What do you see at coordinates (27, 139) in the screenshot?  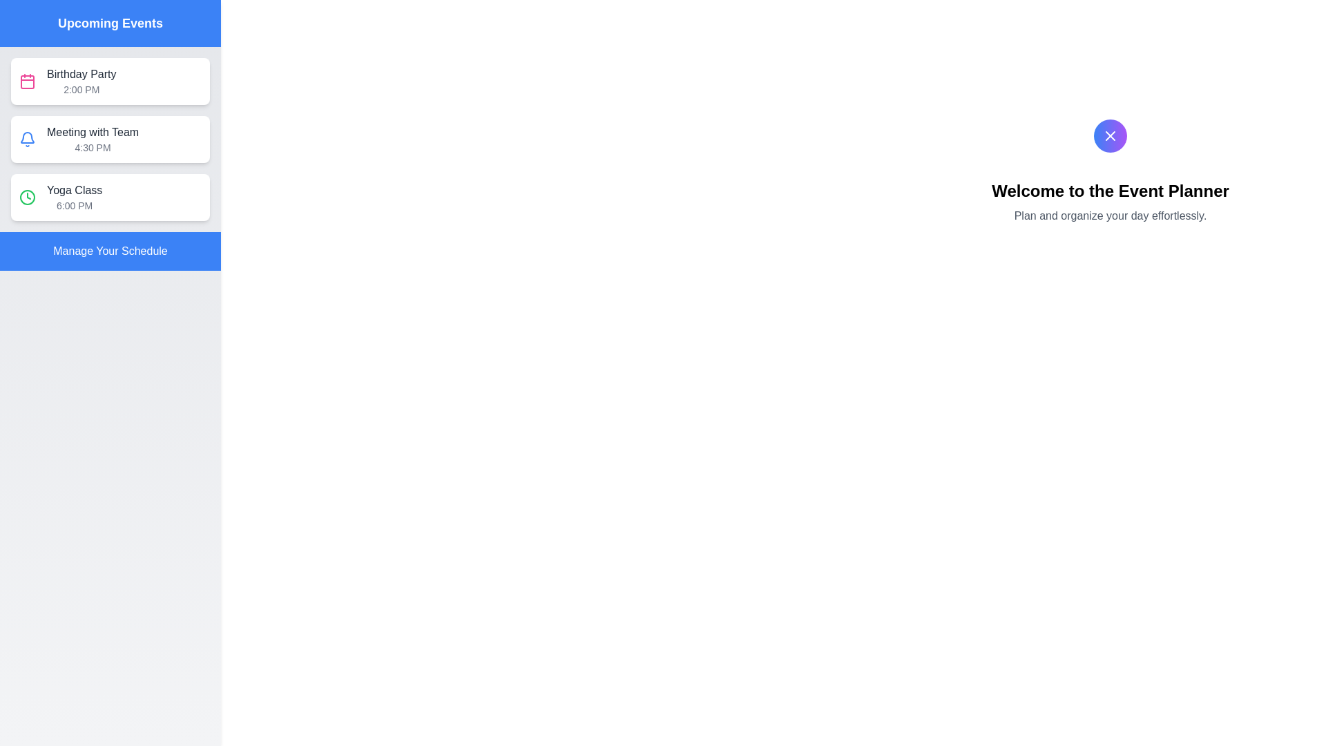 I see `the bell icon with blue outlines located within the event card displaying 'Meeting with Team' and '4:30 PM'` at bounding box center [27, 139].